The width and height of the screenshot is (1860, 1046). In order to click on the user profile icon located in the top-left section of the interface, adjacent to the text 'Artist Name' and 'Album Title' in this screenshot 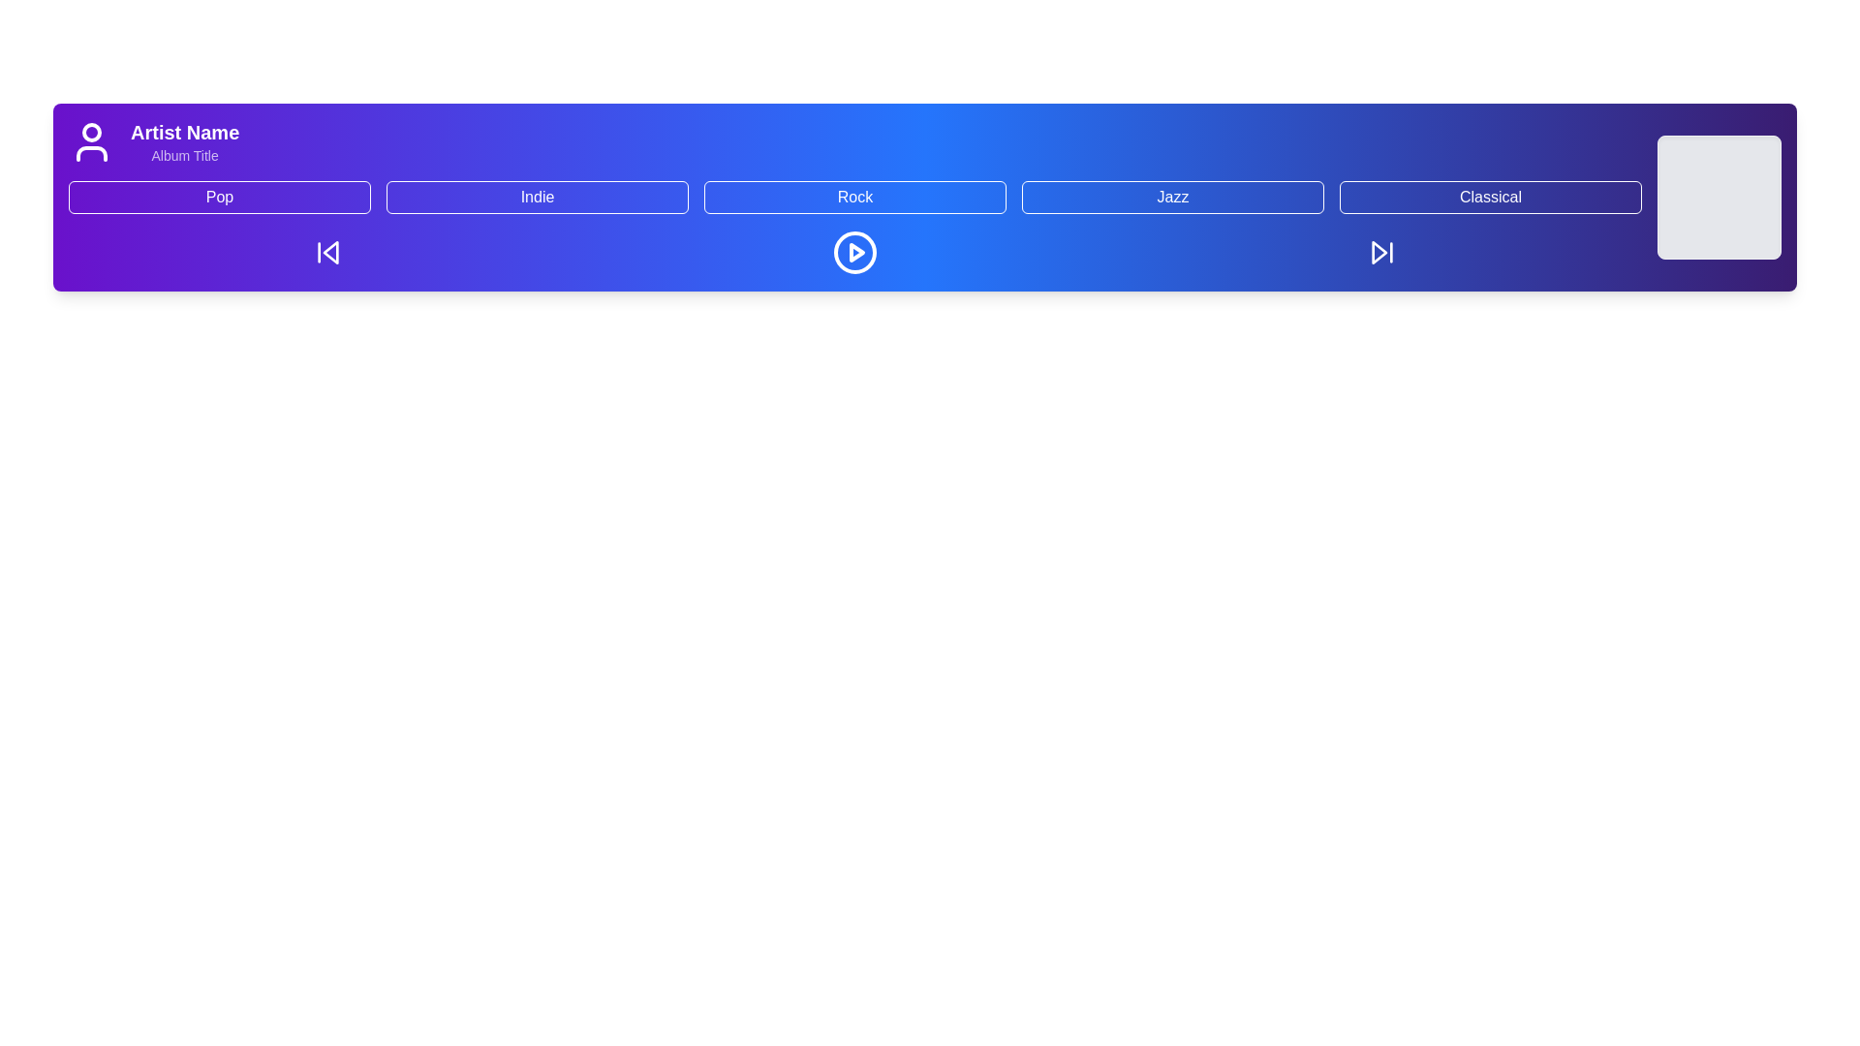, I will do `click(91, 152)`.